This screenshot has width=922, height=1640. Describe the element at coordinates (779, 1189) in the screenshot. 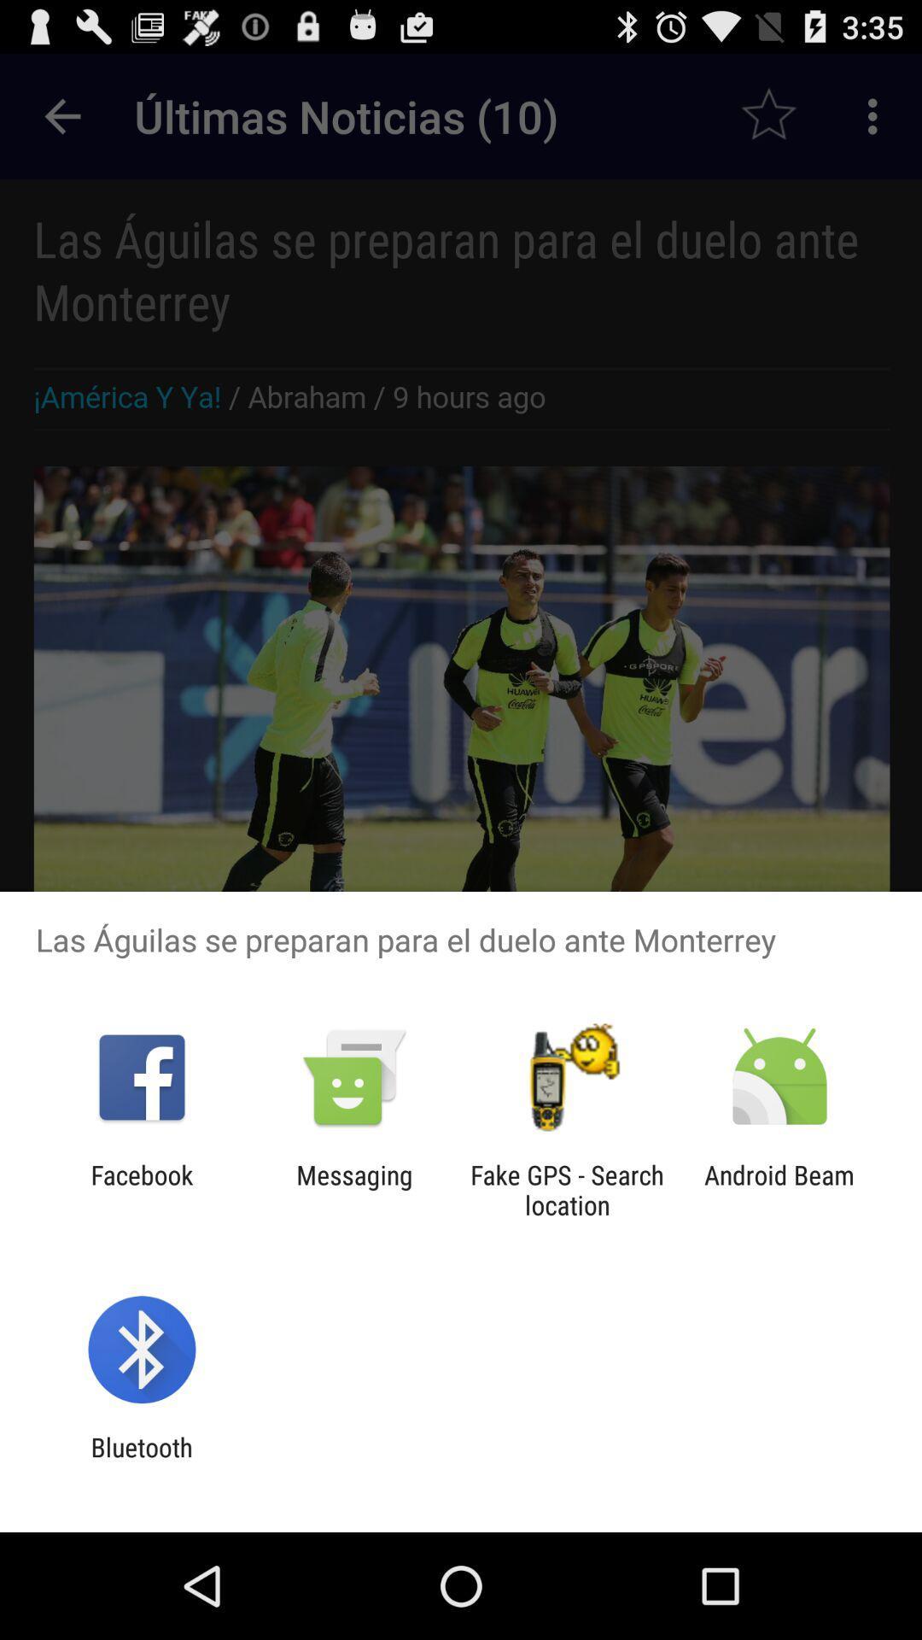

I see `android beam app` at that location.